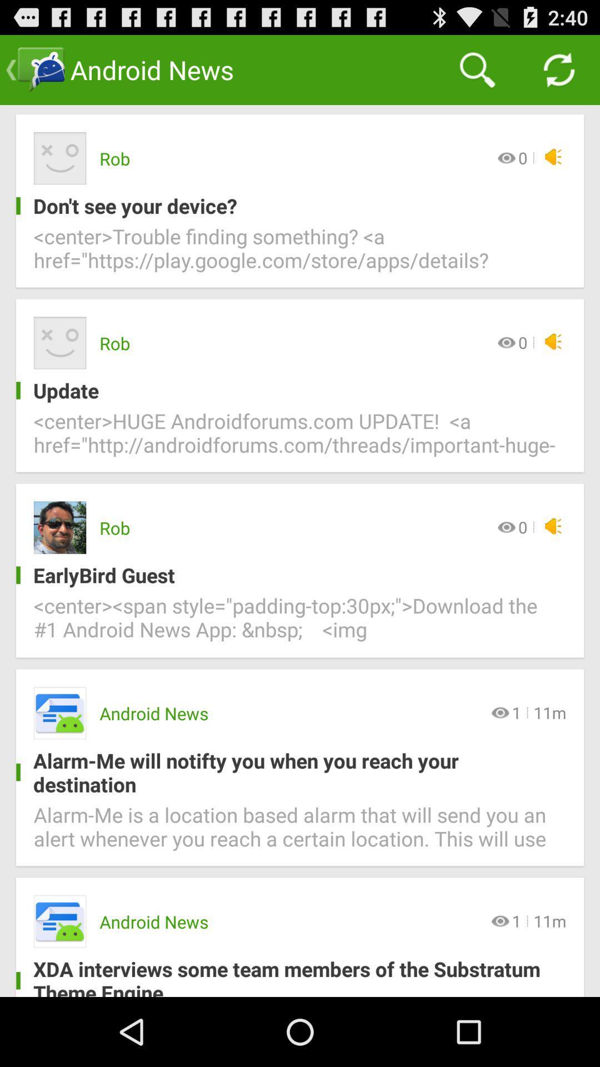  What do you see at coordinates (291, 575) in the screenshot?
I see `the earlybird guest` at bounding box center [291, 575].